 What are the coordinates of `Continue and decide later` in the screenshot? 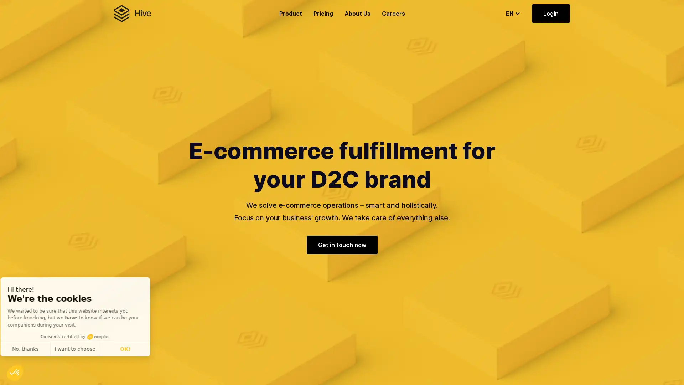 It's located at (15, 372).